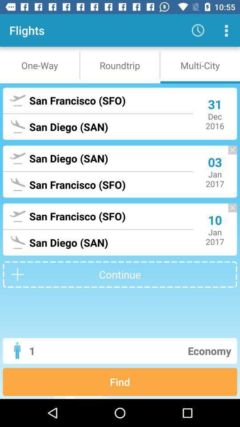 This screenshot has height=427, width=240. I want to click on delete suggested trip, so click(228, 154).